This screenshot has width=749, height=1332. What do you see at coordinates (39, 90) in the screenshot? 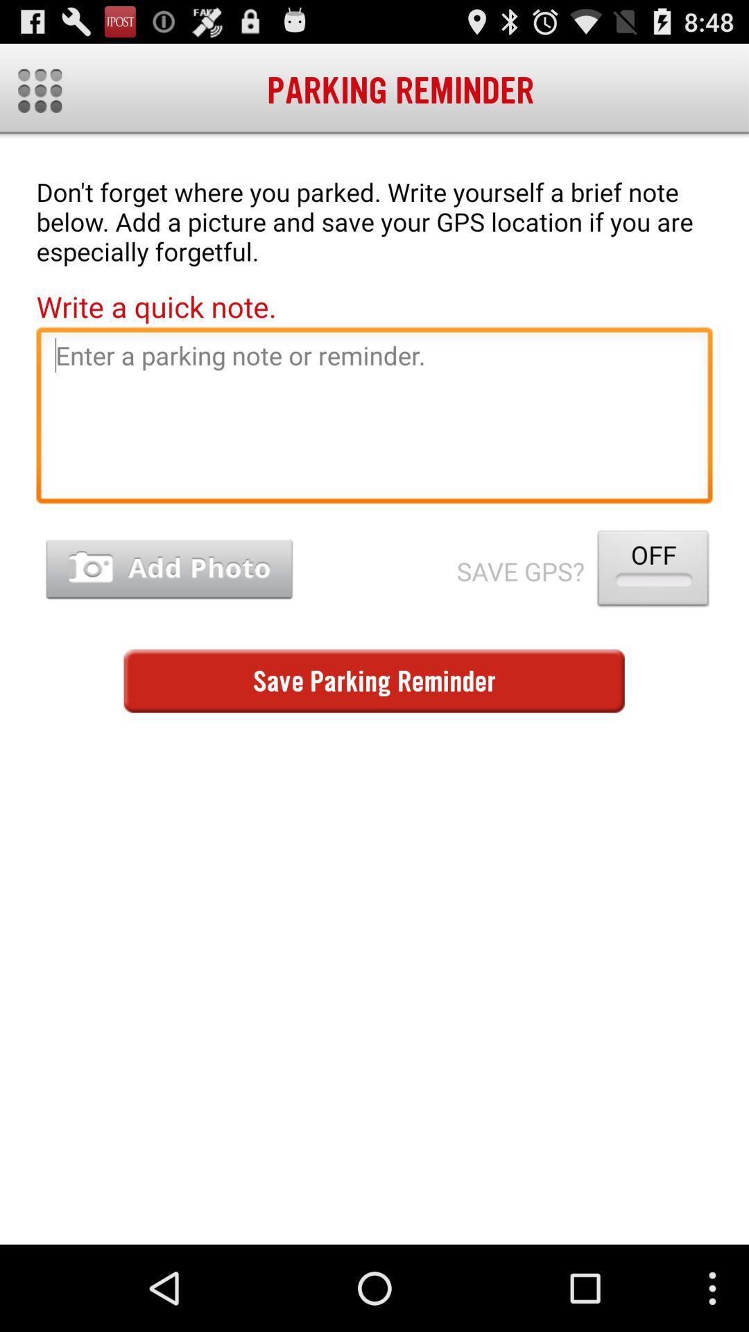
I see `item above the don t forget app` at bounding box center [39, 90].